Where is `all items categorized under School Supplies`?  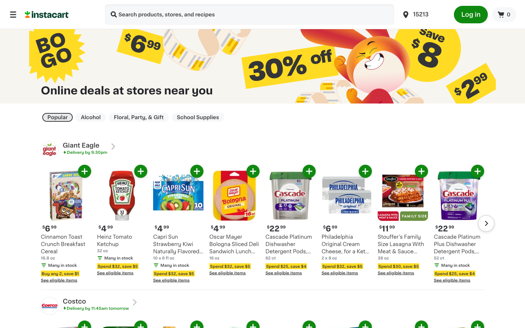 all items categorized under School Supplies is located at coordinates (198, 117).